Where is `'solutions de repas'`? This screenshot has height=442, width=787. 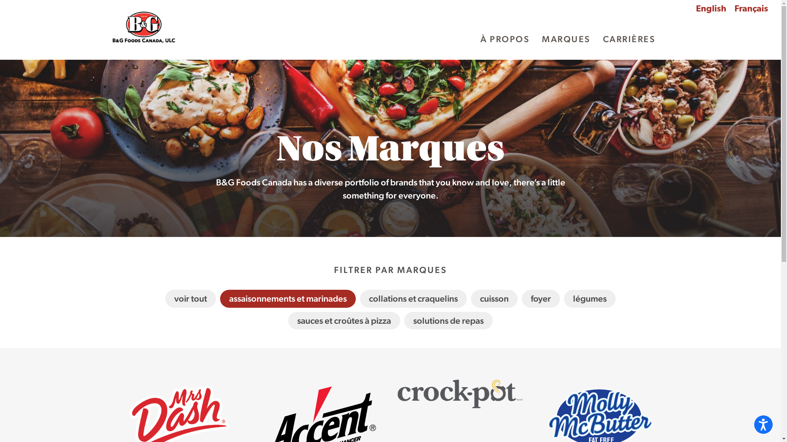 'solutions de repas' is located at coordinates (448, 320).